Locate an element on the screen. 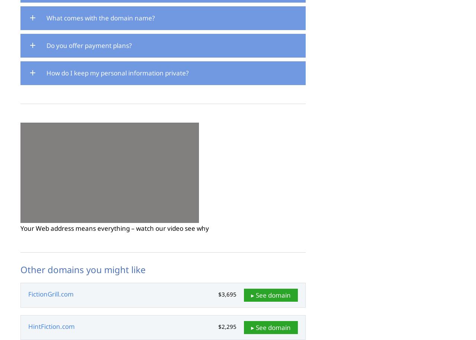 Image resolution: width=476 pixels, height=340 pixels. 'FictionGrill.com' is located at coordinates (50, 294).